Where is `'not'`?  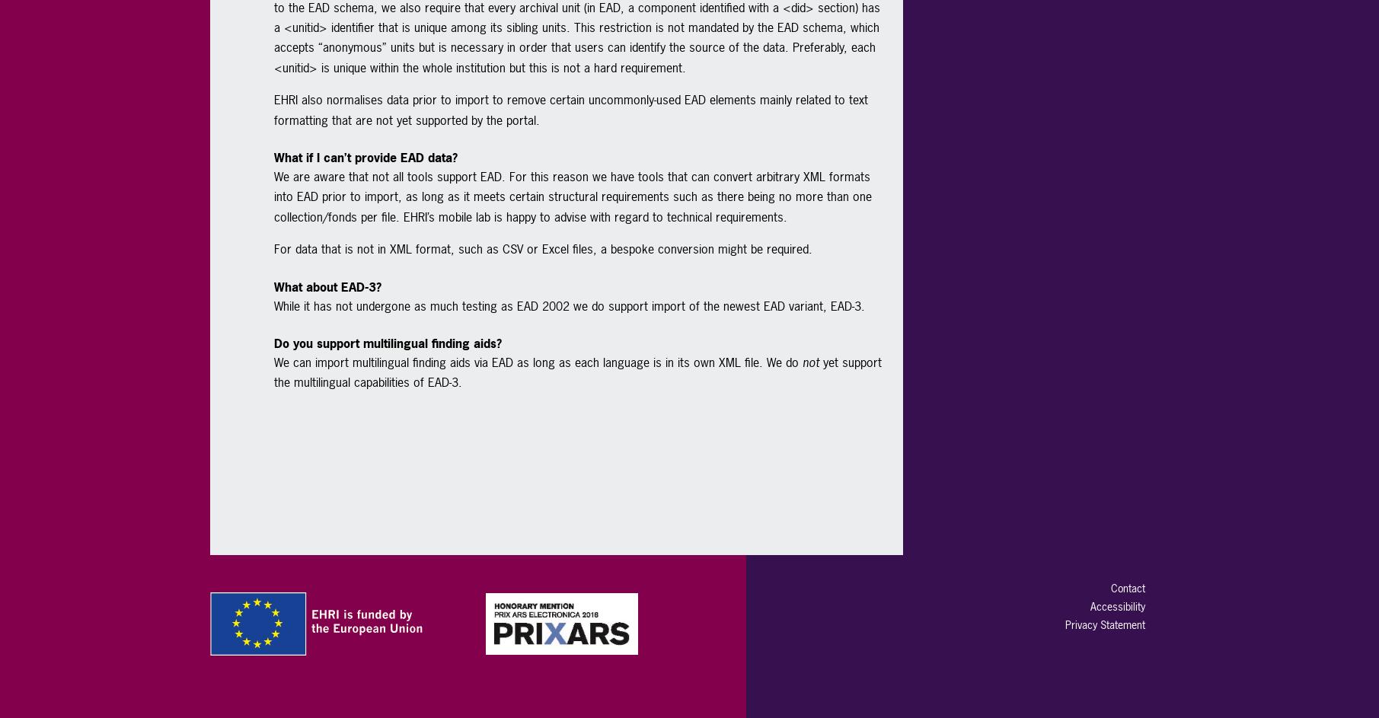
'not' is located at coordinates (809, 360).